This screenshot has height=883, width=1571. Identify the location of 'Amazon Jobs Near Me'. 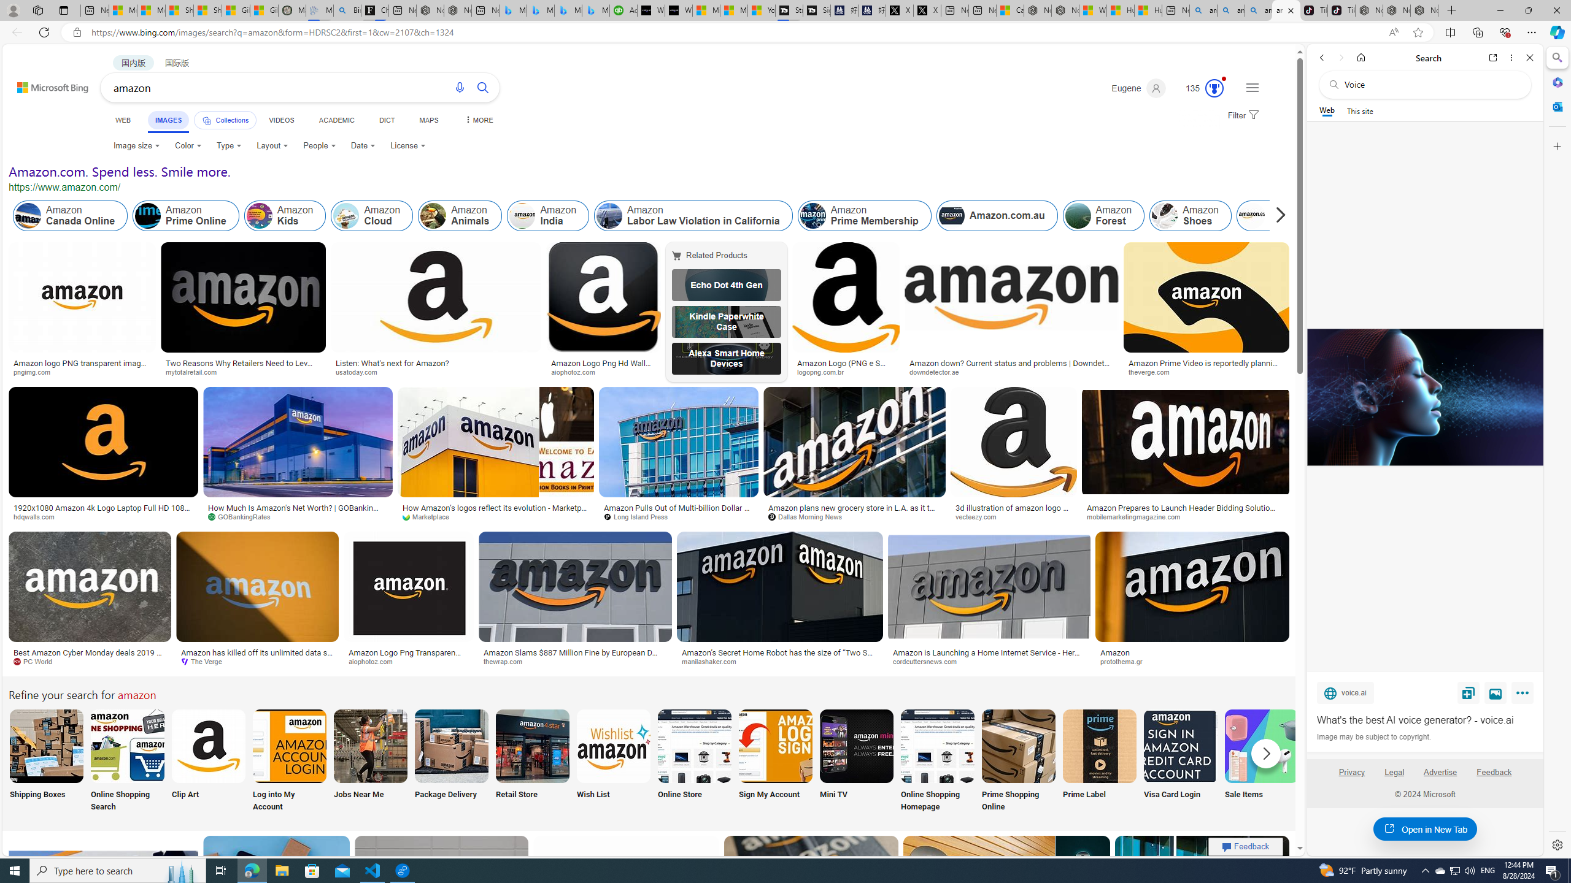
(369, 745).